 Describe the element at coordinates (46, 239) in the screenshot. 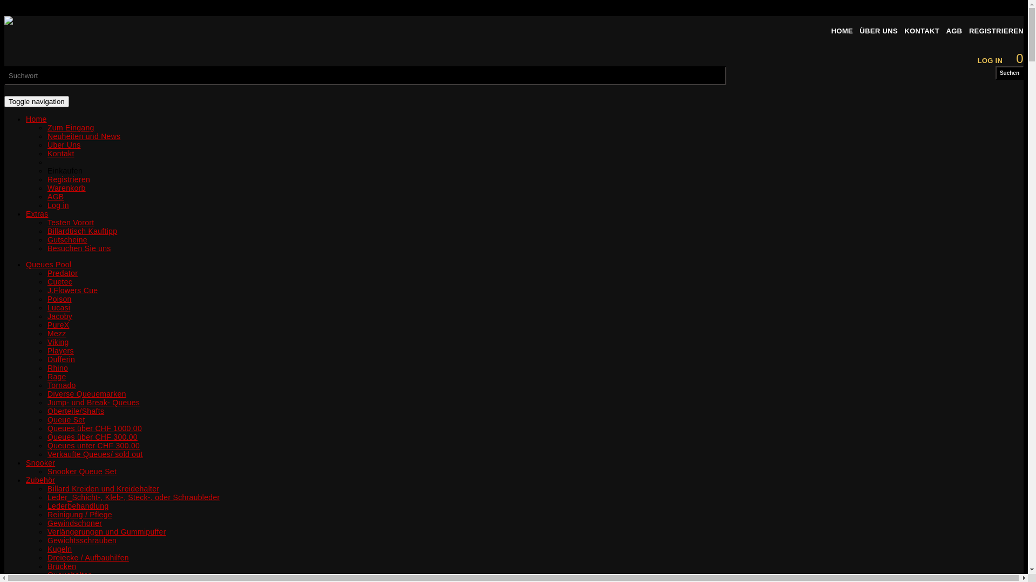

I see `'Gutscheine'` at that location.